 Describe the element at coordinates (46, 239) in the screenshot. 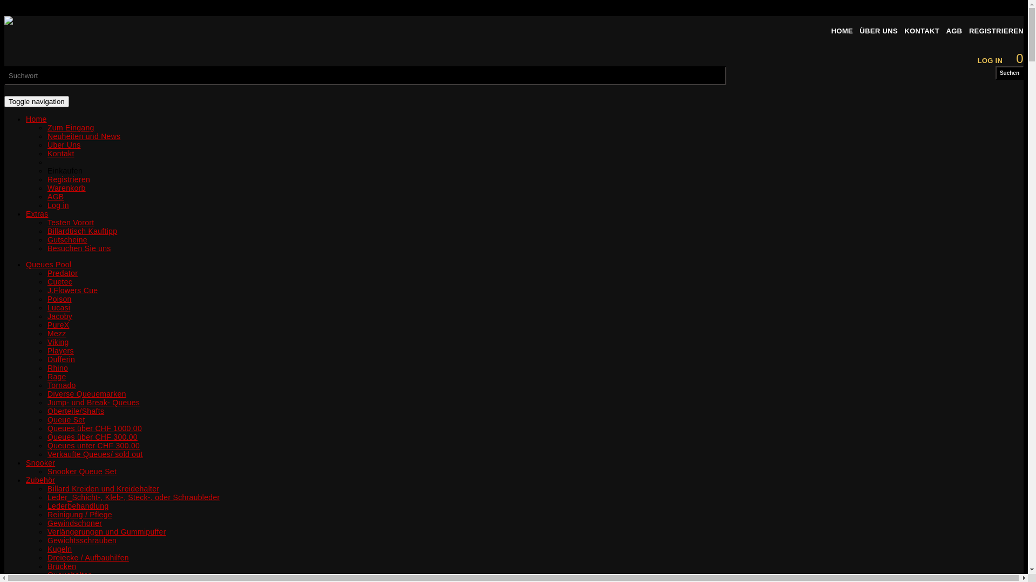

I see `'Gutscheine'` at that location.